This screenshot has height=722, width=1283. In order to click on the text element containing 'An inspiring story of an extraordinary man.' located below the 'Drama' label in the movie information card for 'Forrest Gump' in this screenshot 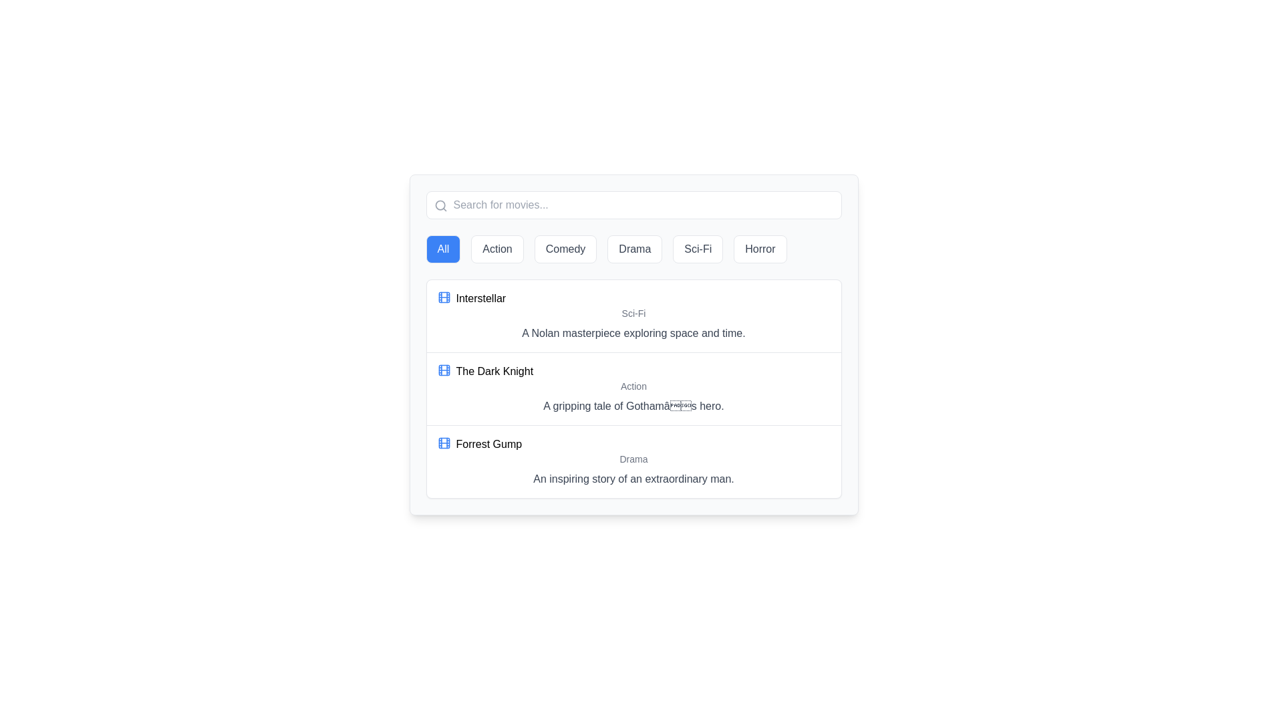, I will do `click(633, 479)`.